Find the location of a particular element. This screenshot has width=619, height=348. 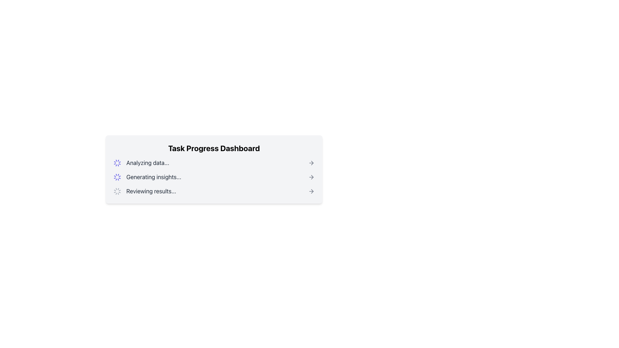

the right arrow icon in the 'Task Progress Dashboard' is located at coordinates (312, 191).